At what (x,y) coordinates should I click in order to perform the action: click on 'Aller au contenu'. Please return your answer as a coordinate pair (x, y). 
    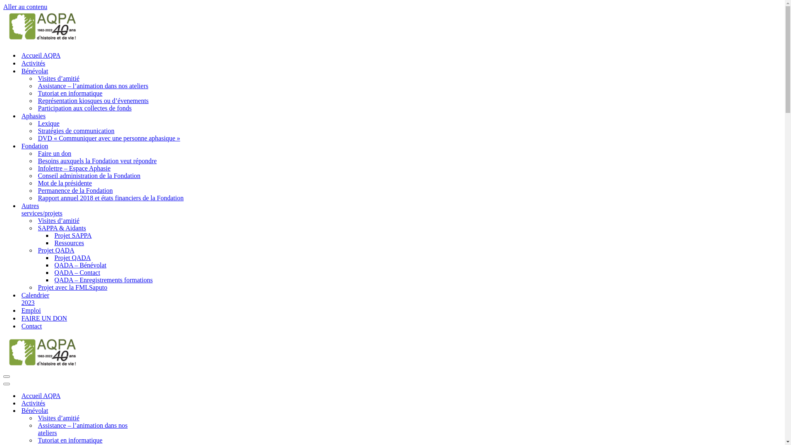
    Looking at the image, I should click on (25, 7).